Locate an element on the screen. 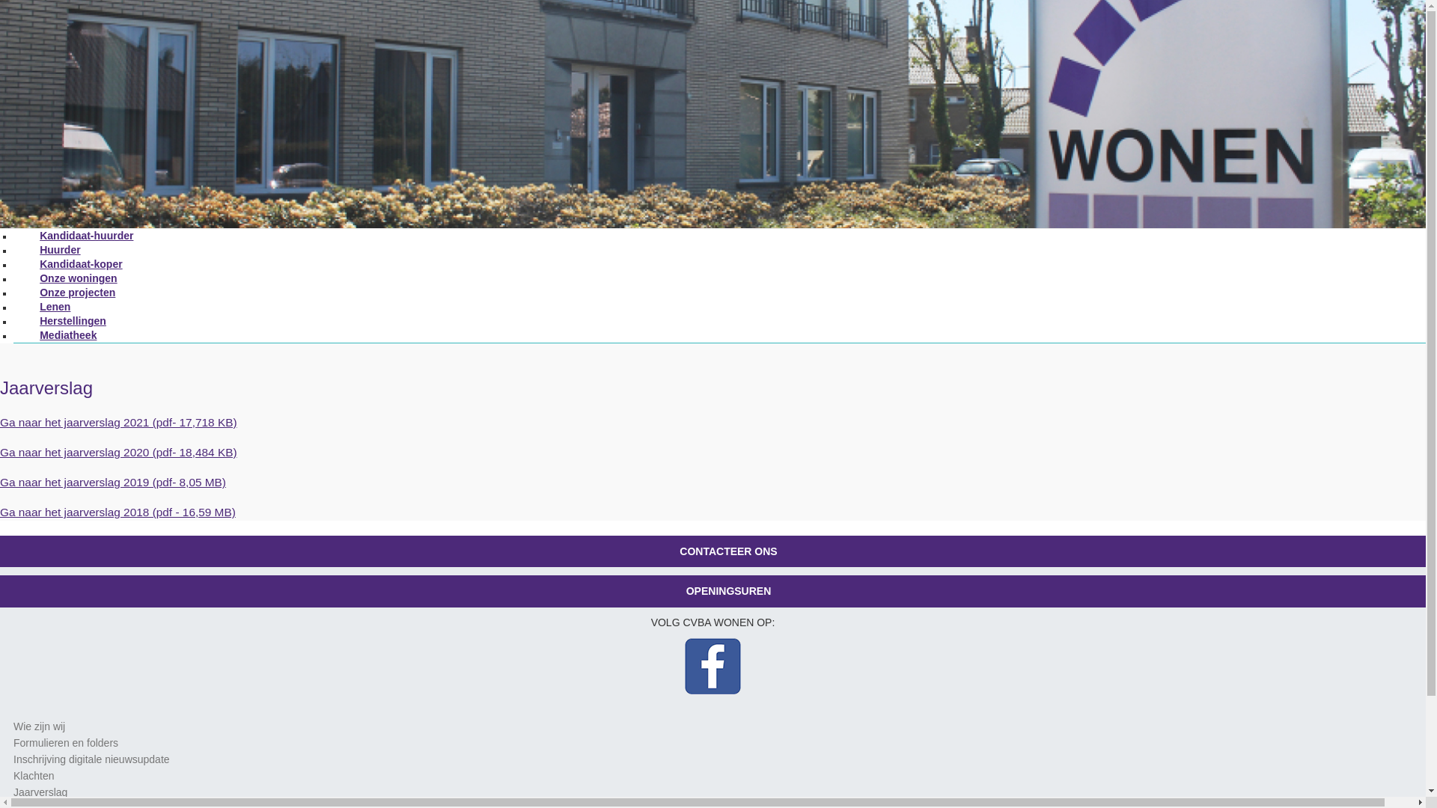 This screenshot has width=1437, height=808. 'Huurder' is located at coordinates (60, 250).